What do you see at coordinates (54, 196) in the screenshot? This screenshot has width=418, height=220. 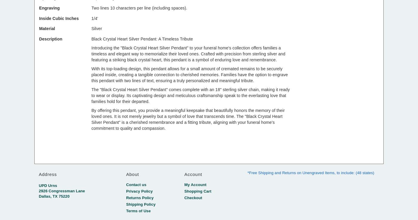 I see `'Dallas, TX 75220'` at bounding box center [54, 196].